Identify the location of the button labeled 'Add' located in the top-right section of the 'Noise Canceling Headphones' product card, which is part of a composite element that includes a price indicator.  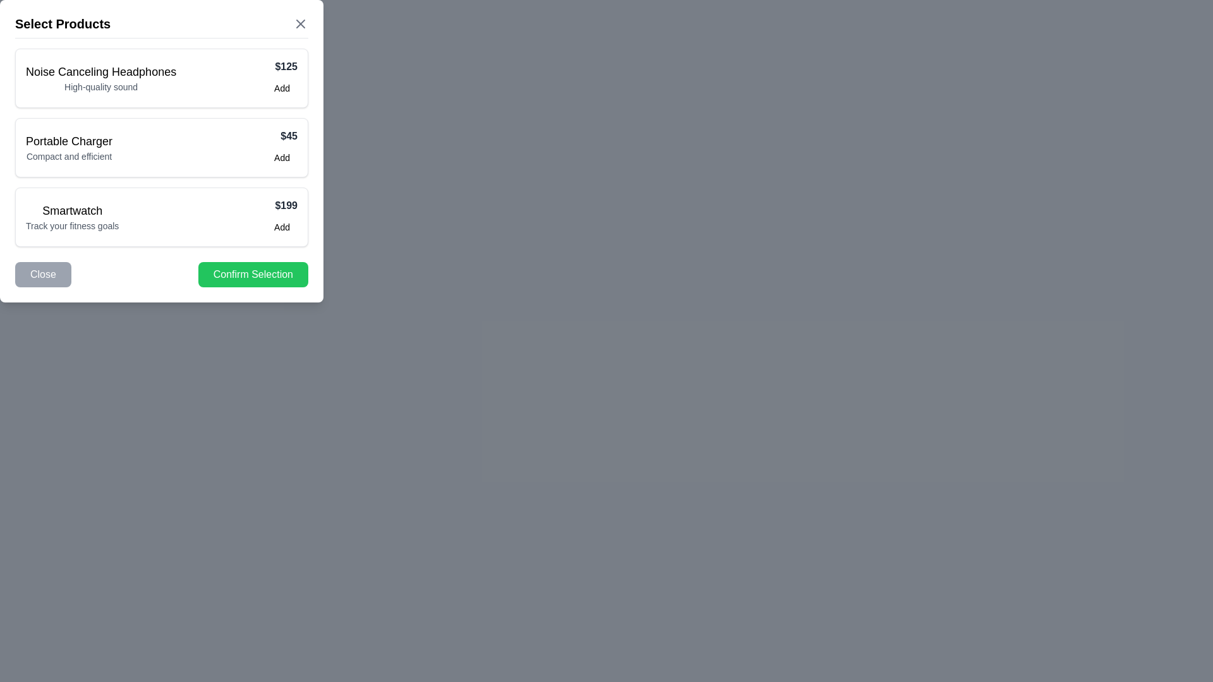
(281, 78).